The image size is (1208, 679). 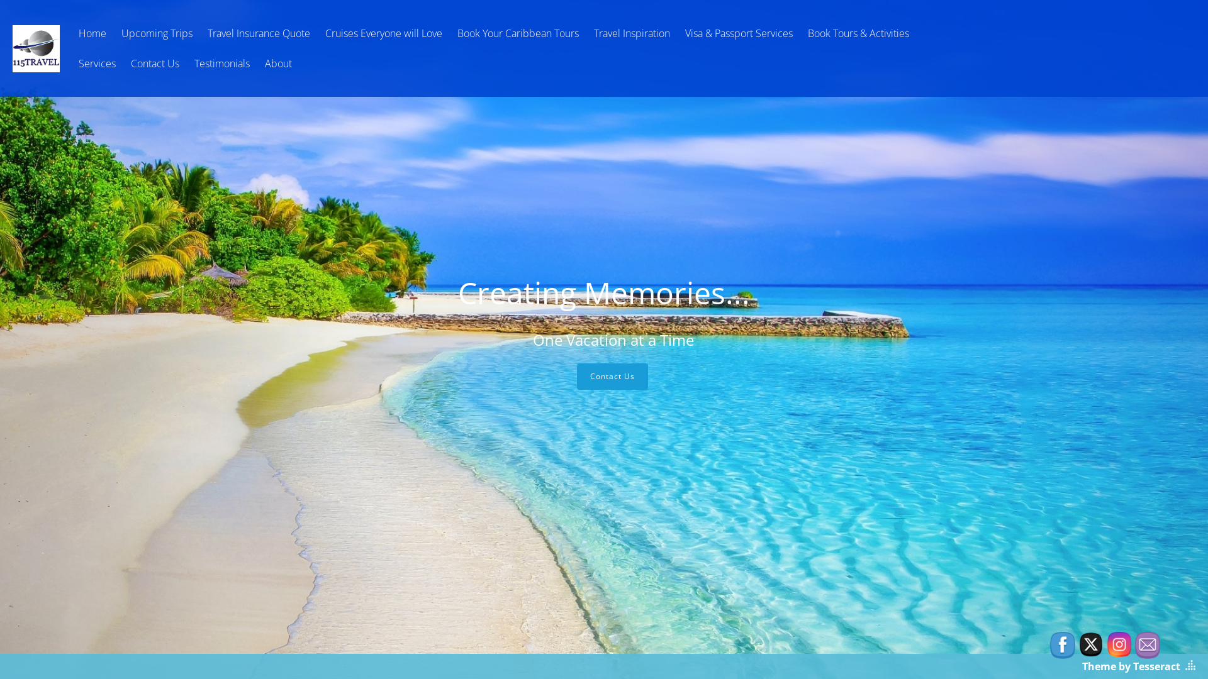 I want to click on 'Testimonials', so click(x=222, y=63).